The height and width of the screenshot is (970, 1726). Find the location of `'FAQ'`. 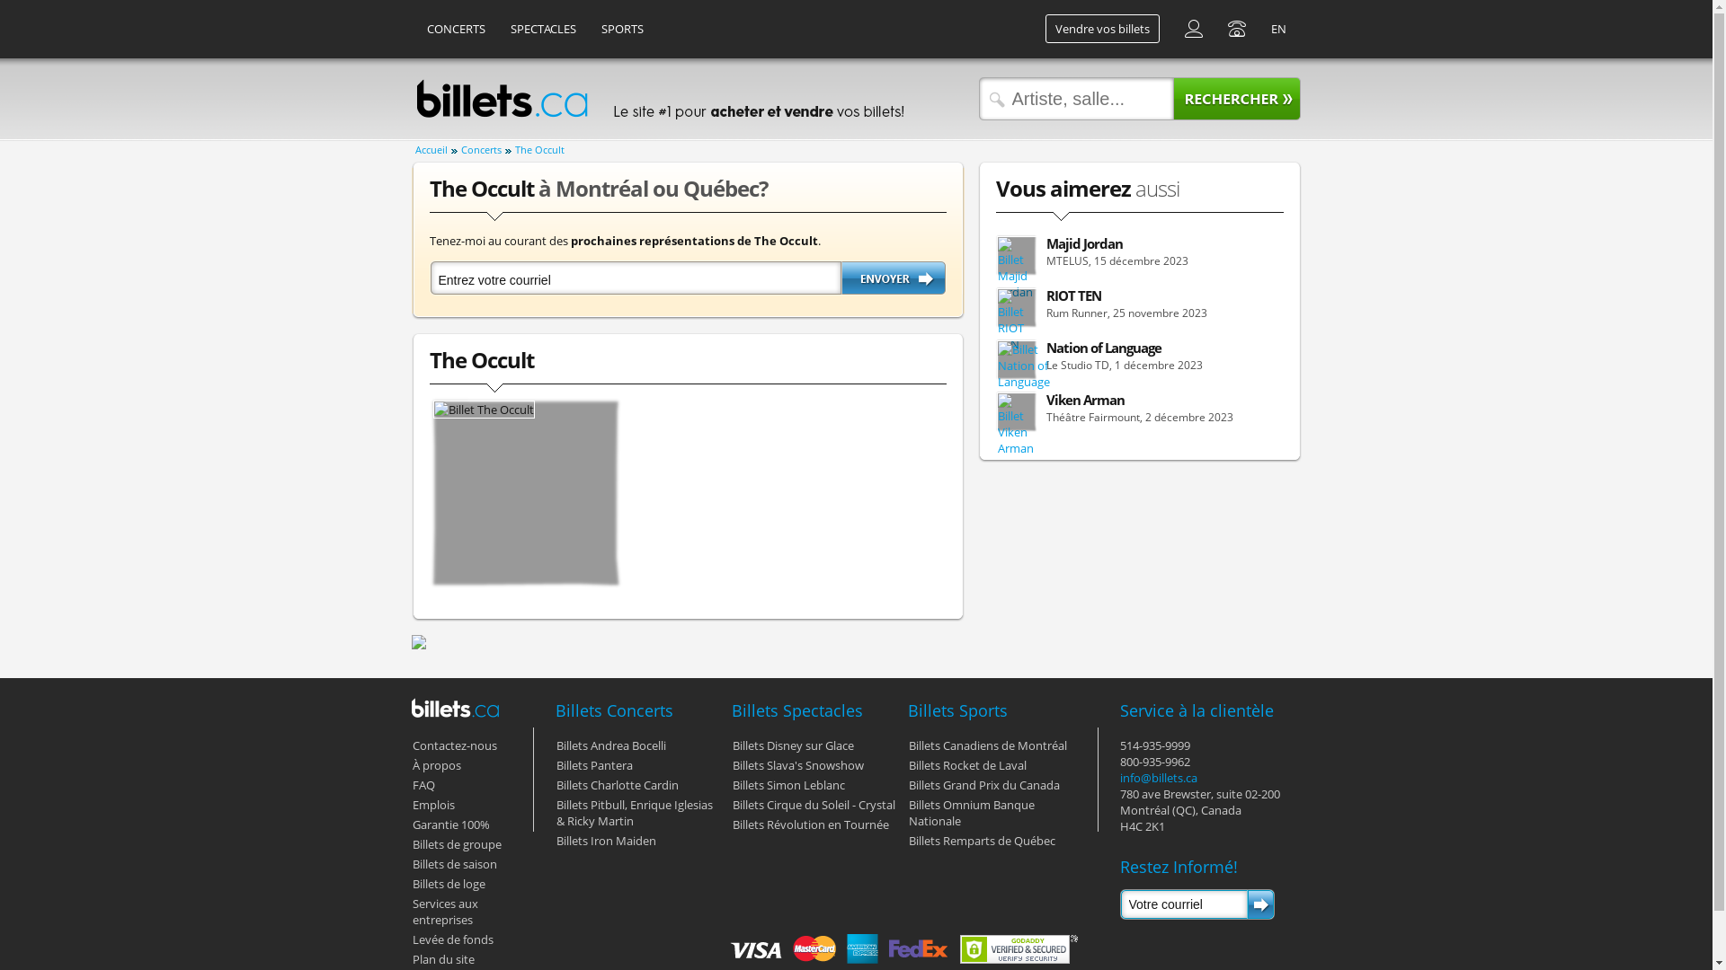

'FAQ' is located at coordinates (422, 784).